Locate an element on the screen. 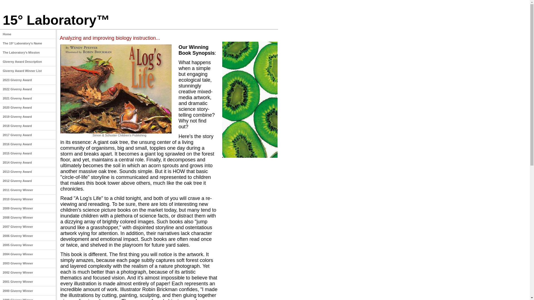  'Home' is located at coordinates (0, 34).